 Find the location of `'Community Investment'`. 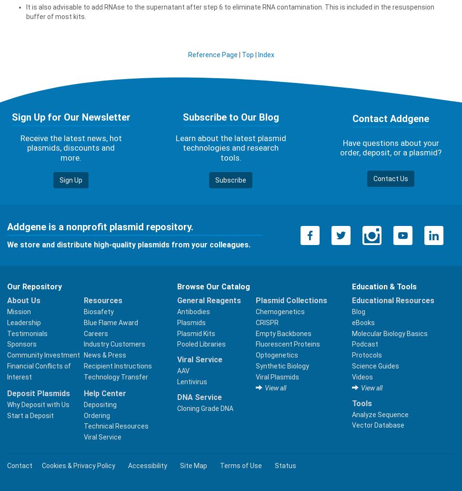

'Community Investment' is located at coordinates (43, 355).